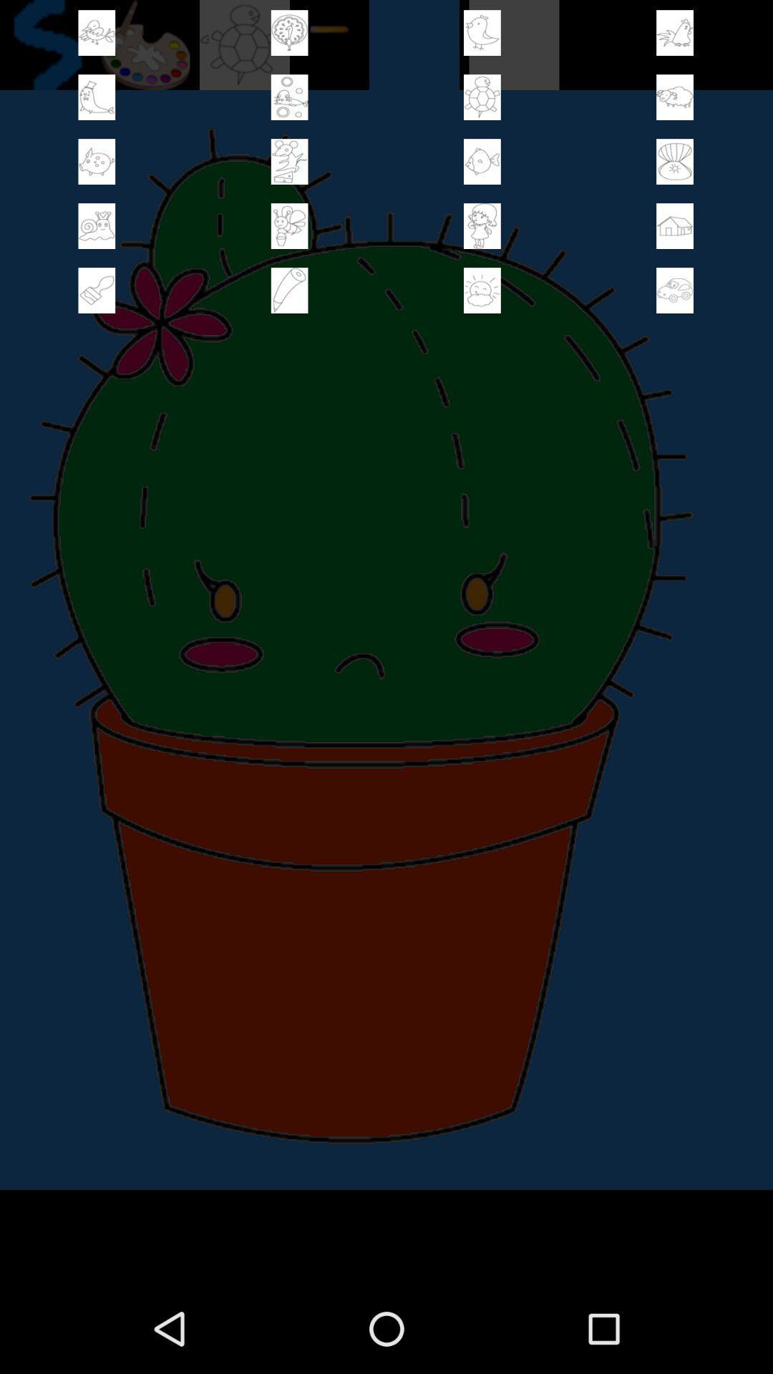  I want to click on photo, so click(289, 225).